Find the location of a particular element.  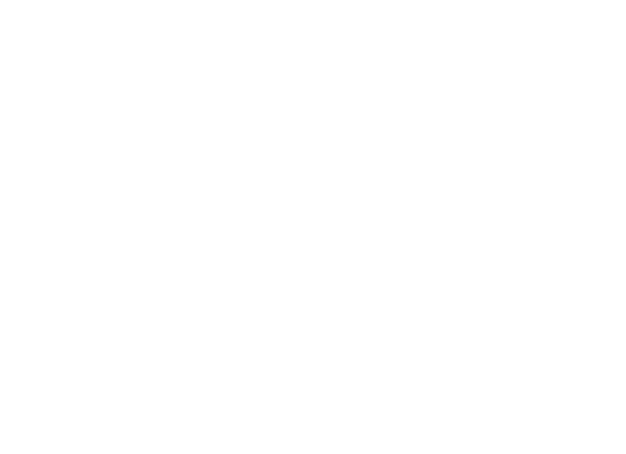

'2023 NATM Vendor Conference Gathers Leaders From Largest Global Retailers' is located at coordinates (414, 287).